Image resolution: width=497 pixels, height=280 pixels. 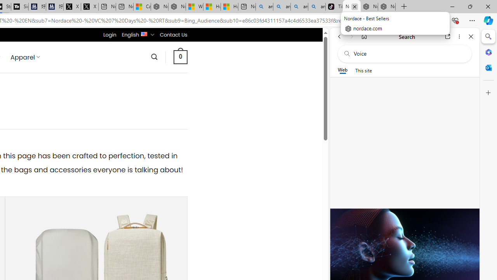 What do you see at coordinates (281, 7) in the screenshot?
I see `'amazon - Search'` at bounding box center [281, 7].